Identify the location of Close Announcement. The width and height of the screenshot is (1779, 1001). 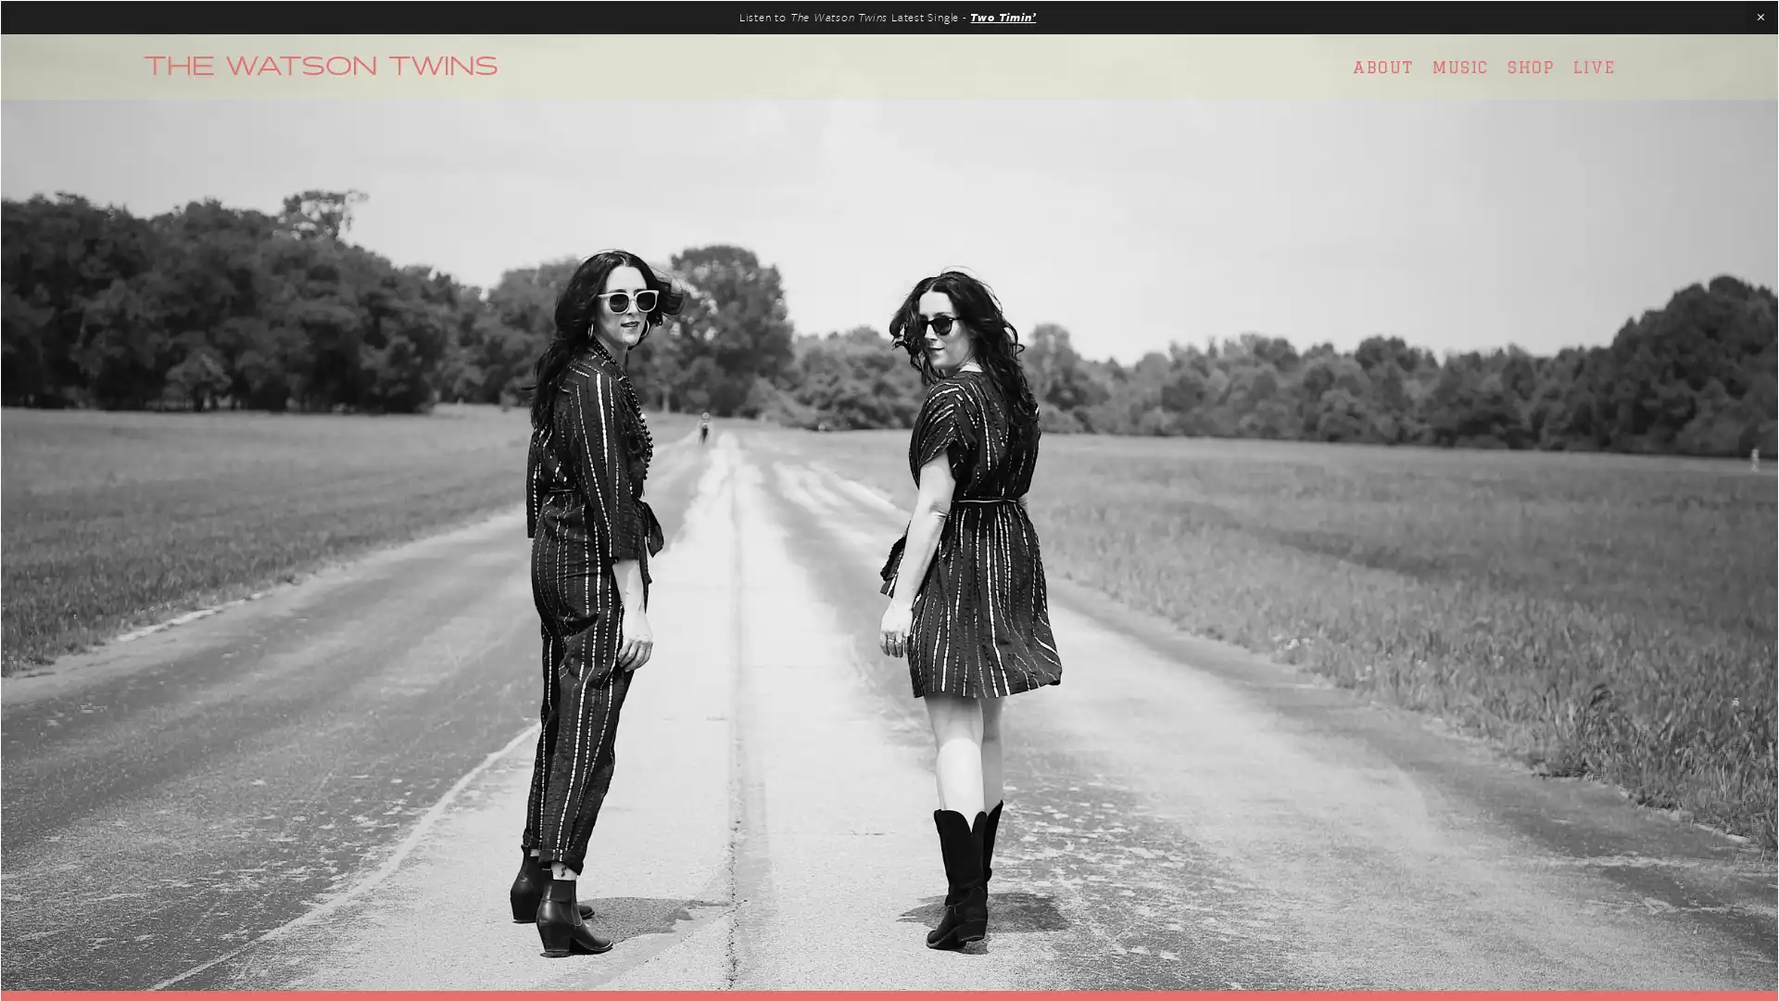
(1760, 18).